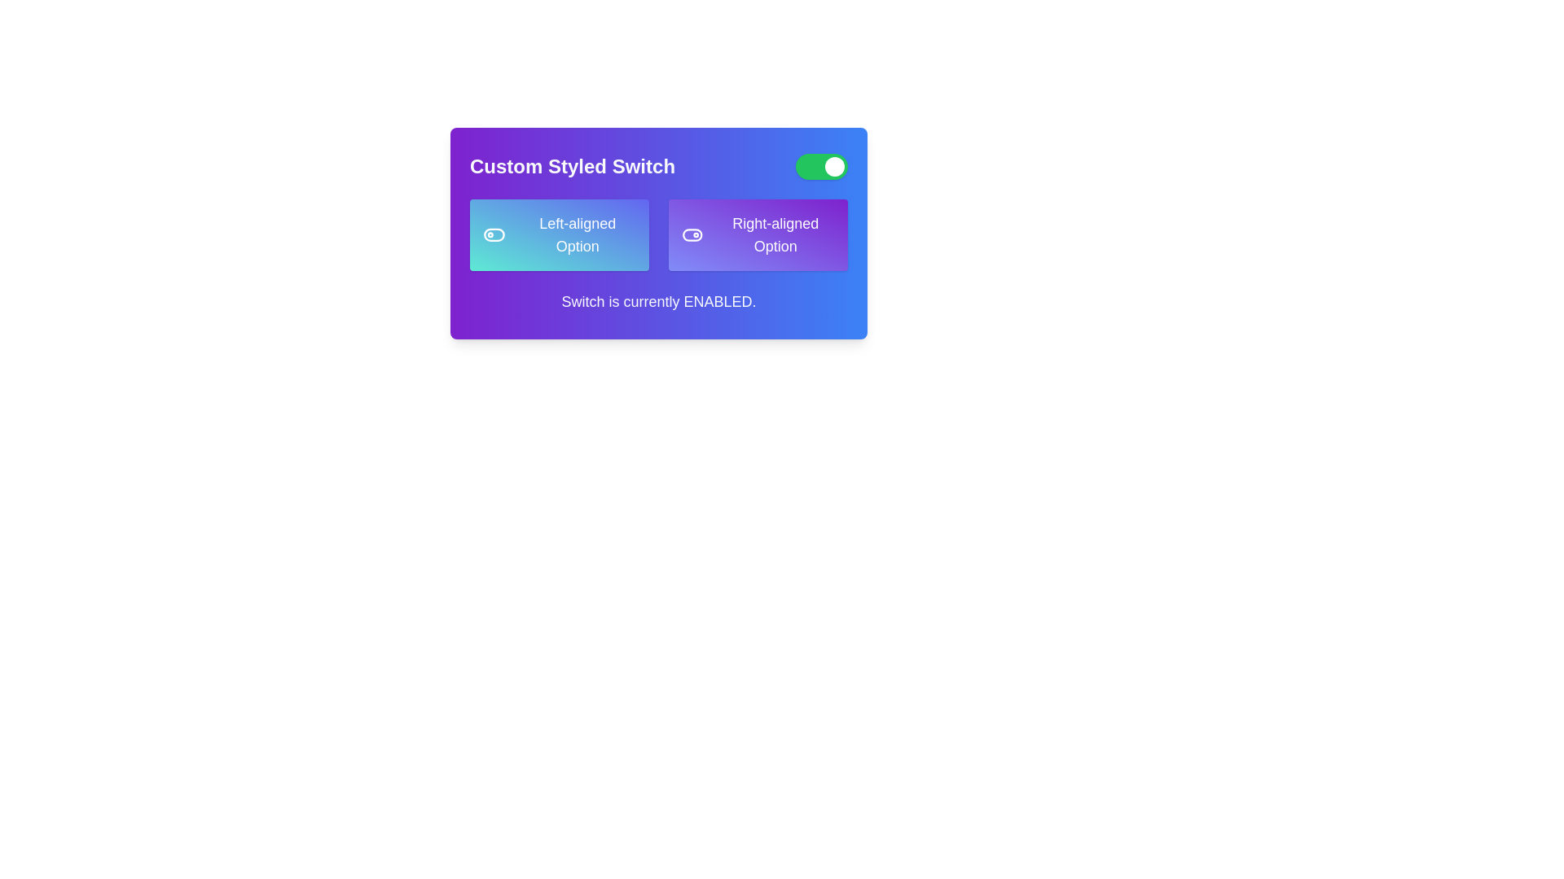  Describe the element at coordinates (494, 235) in the screenshot. I see `the toggle switch icon styled as a left-aligned option, which has a circular indicator on the left and is located beside the text 'Left-aligned Option'` at that location.